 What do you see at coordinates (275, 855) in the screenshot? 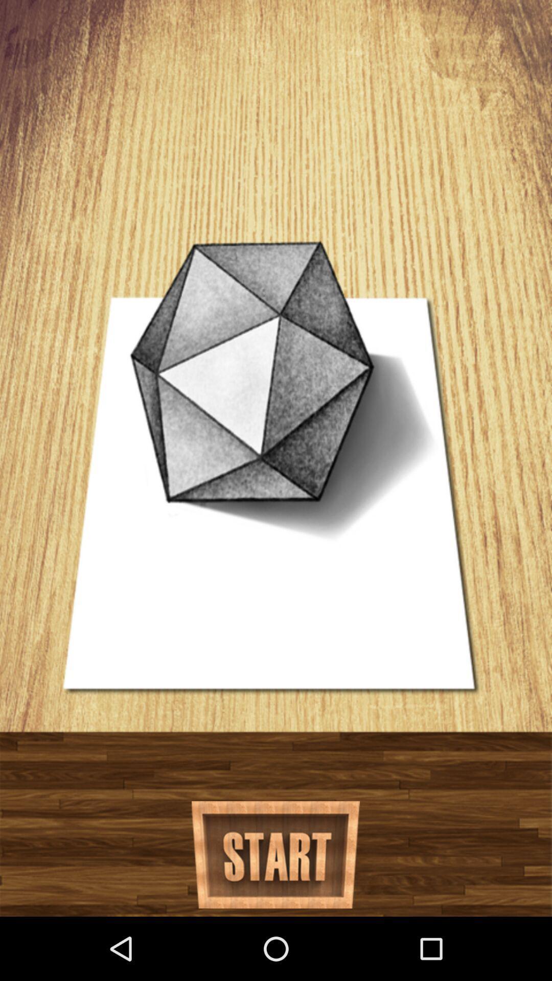
I see `go start` at bounding box center [275, 855].